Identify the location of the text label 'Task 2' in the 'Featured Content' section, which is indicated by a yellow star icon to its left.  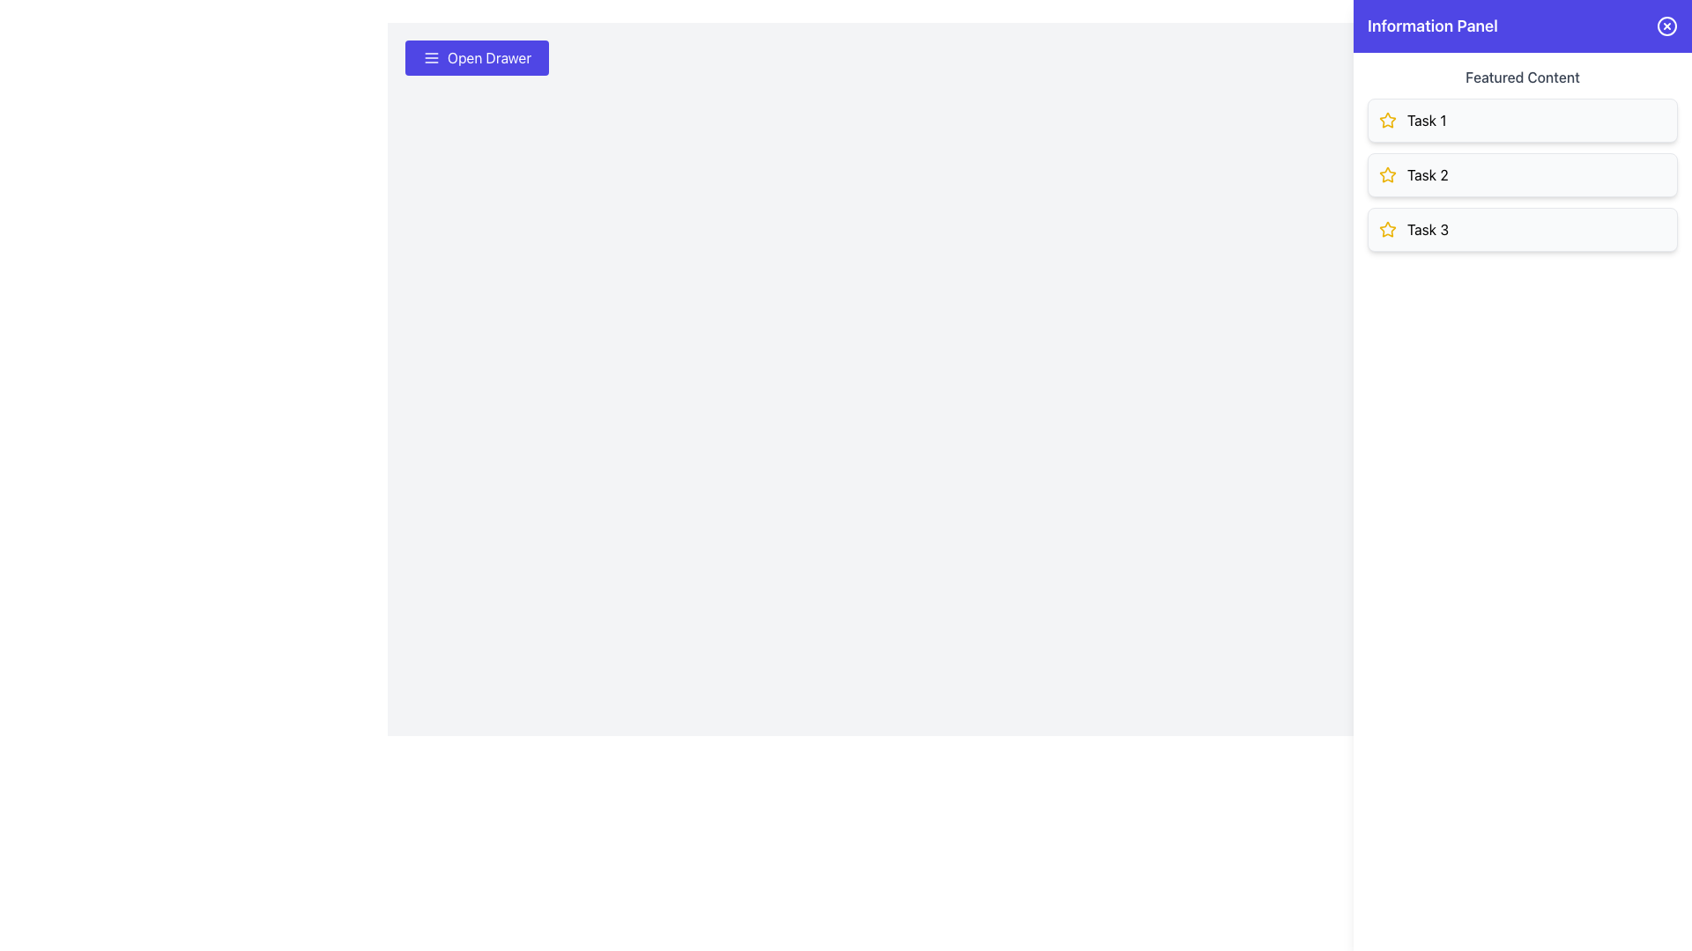
(1428, 175).